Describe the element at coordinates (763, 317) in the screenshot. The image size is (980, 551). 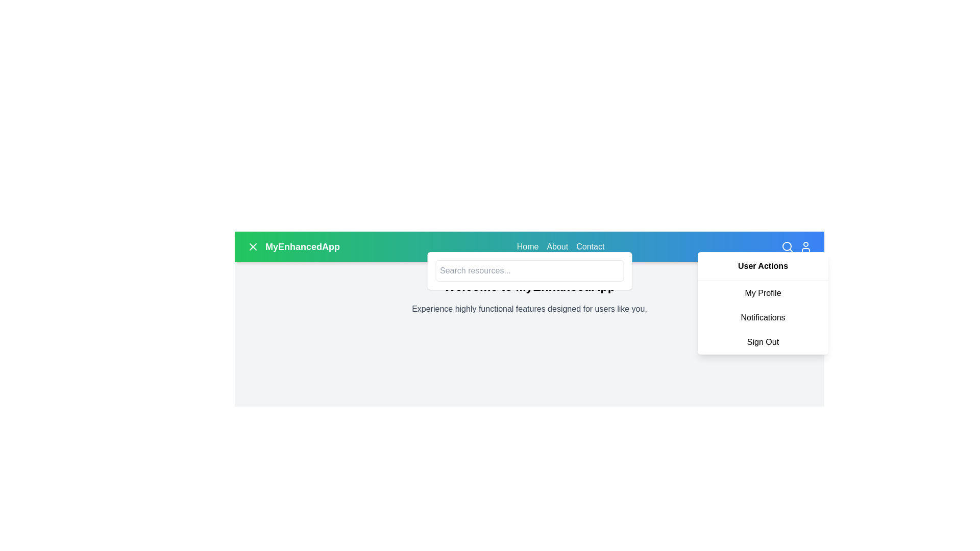
I see `the 'Notifications' text label in the dropdown menu located in the top-right corner, which is the second item in a vertical list of options` at that location.